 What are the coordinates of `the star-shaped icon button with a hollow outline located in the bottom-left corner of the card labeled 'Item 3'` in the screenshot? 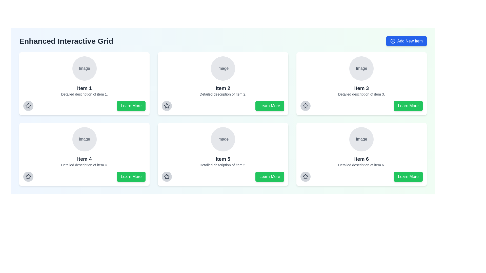 It's located at (305, 106).